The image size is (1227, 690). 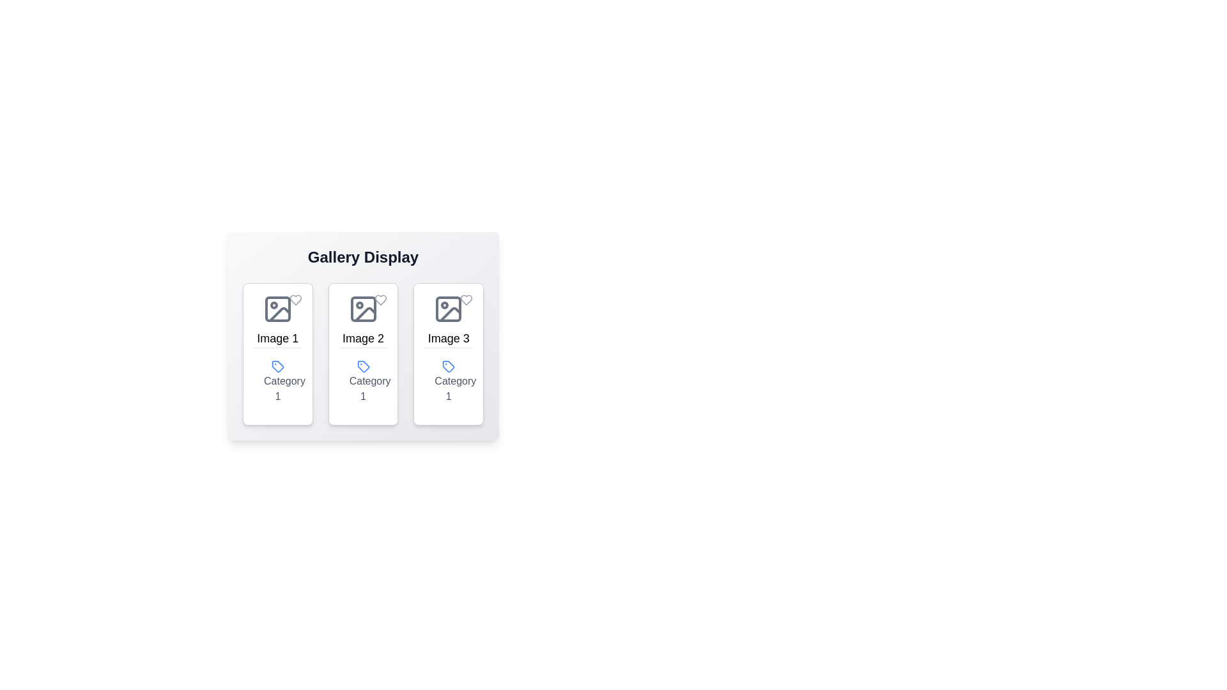 What do you see at coordinates (362, 309) in the screenshot?
I see `the image placeholder icon in the gallery` at bounding box center [362, 309].